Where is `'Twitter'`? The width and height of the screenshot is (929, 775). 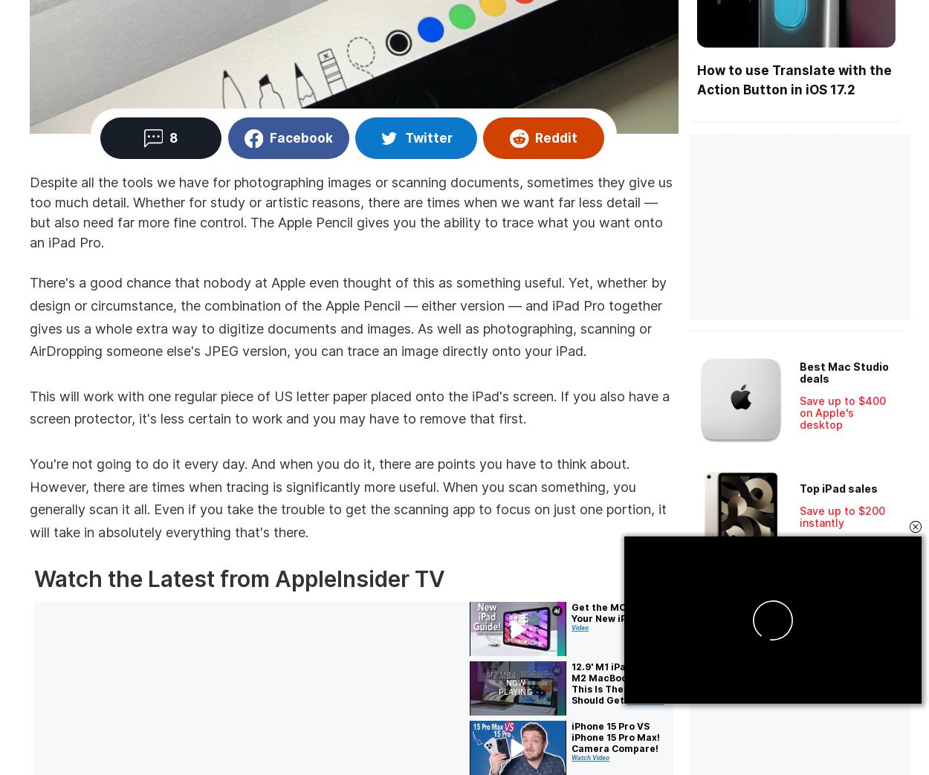
'Twitter' is located at coordinates (428, 137).